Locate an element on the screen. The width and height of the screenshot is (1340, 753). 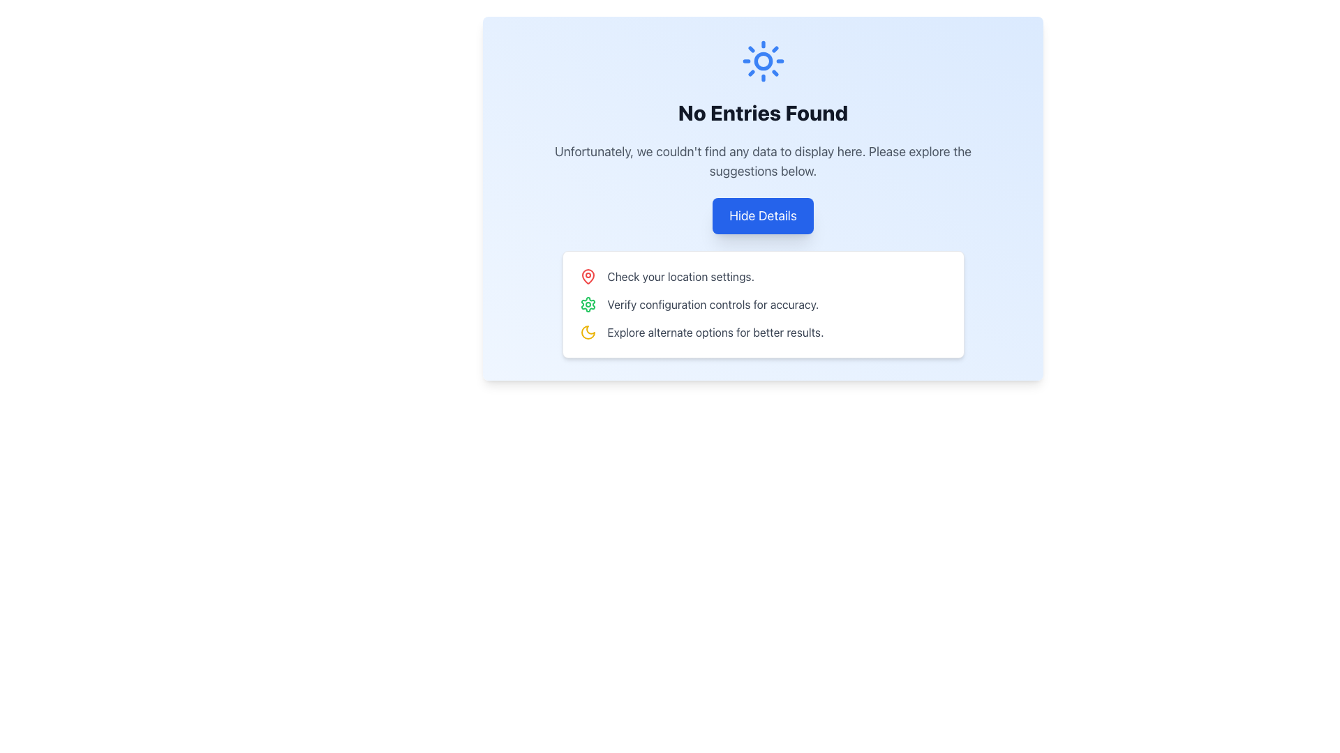
the yellow crescent moon icon located in the upper-middle portion of the interface, near the 'No Entries Found' notification is located at coordinates (588, 333).